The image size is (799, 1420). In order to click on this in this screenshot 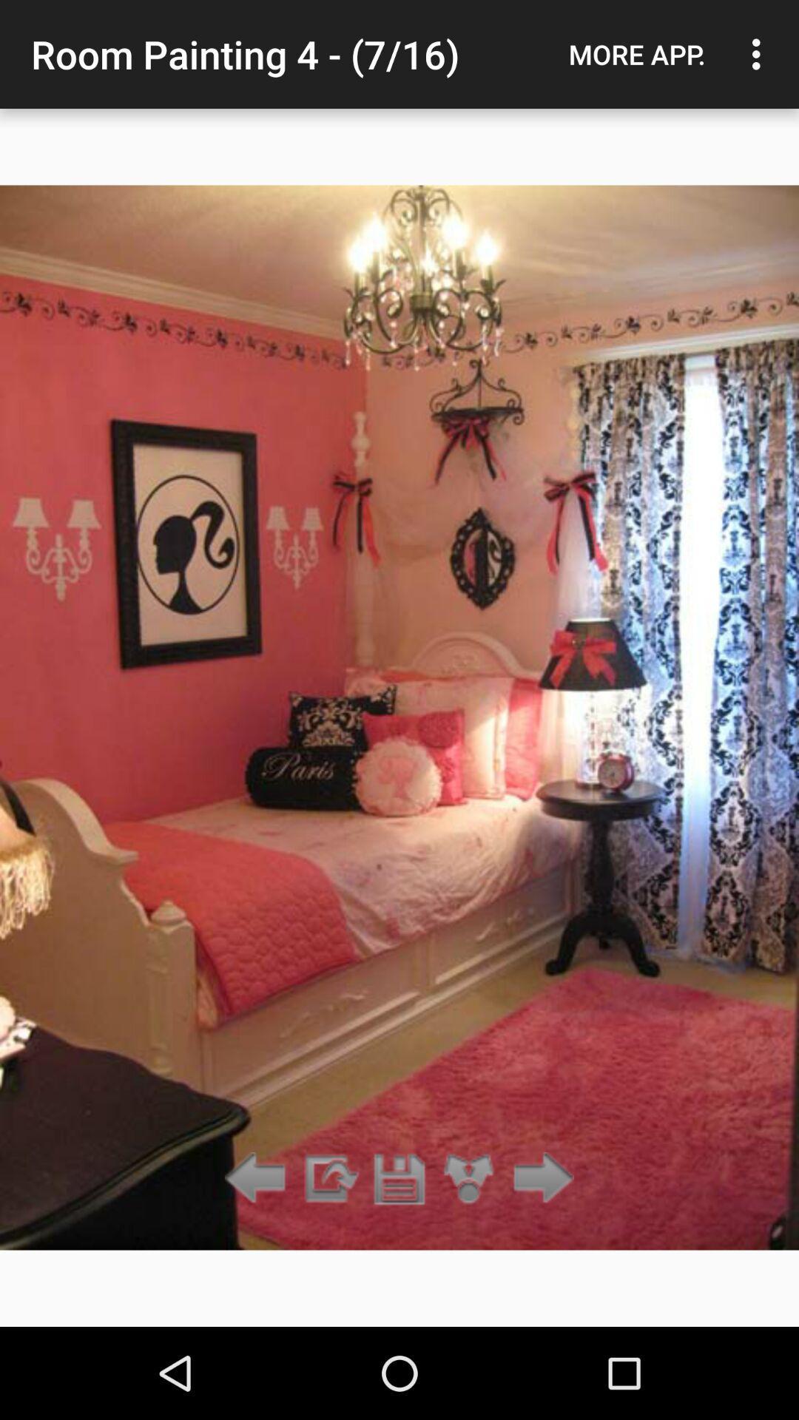, I will do `click(399, 1178)`.